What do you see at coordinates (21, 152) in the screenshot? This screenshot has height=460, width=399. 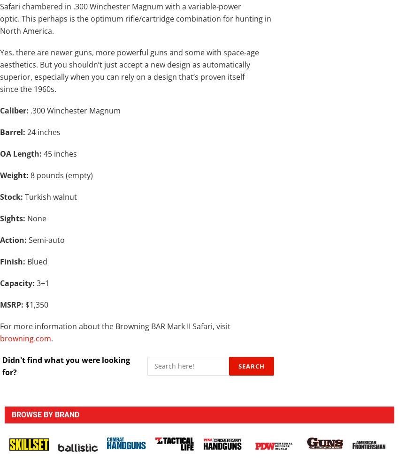 I see `'OA Length:'` at bounding box center [21, 152].